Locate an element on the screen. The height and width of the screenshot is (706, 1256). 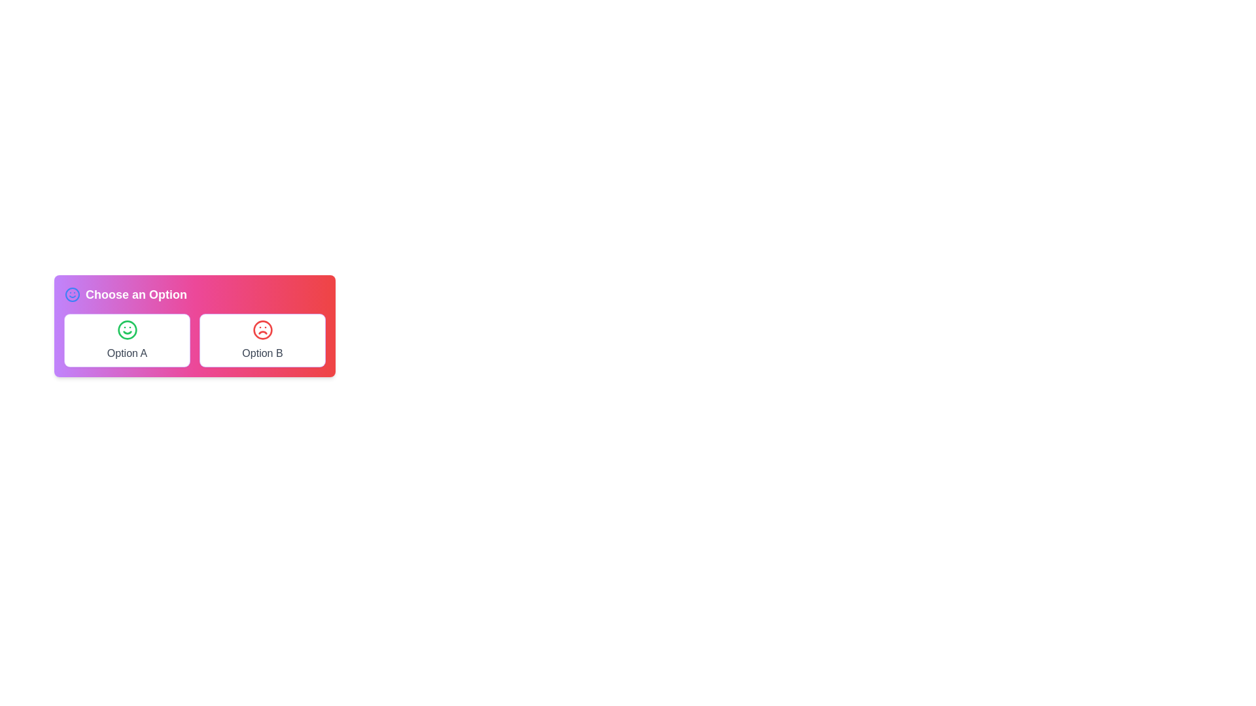
the text label 'Option A' which is styled in gray font and located below a green smiley face icon is located at coordinates (127, 353).